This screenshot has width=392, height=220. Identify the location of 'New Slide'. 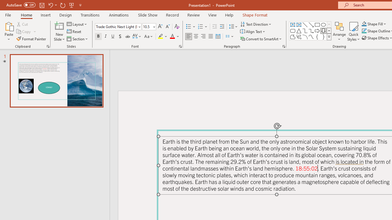
(59, 31).